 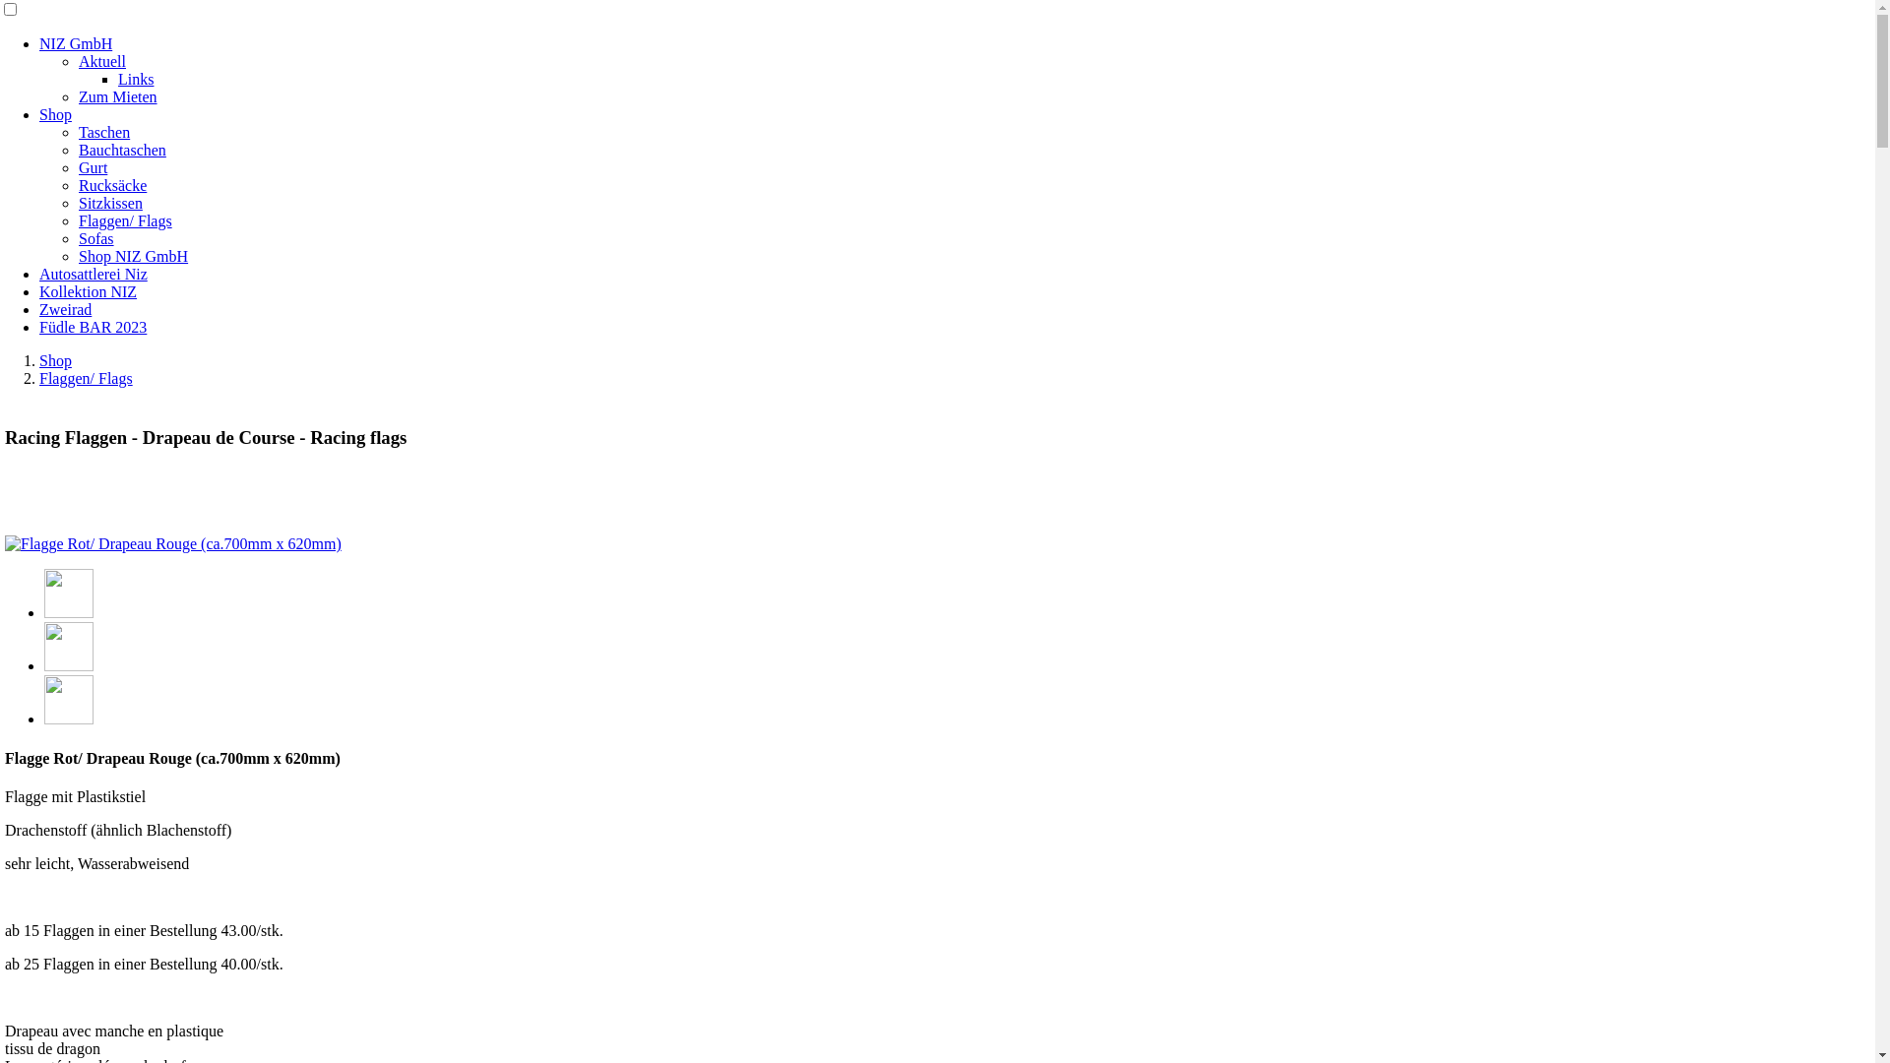 I want to click on 'Shop', so click(x=38, y=114).